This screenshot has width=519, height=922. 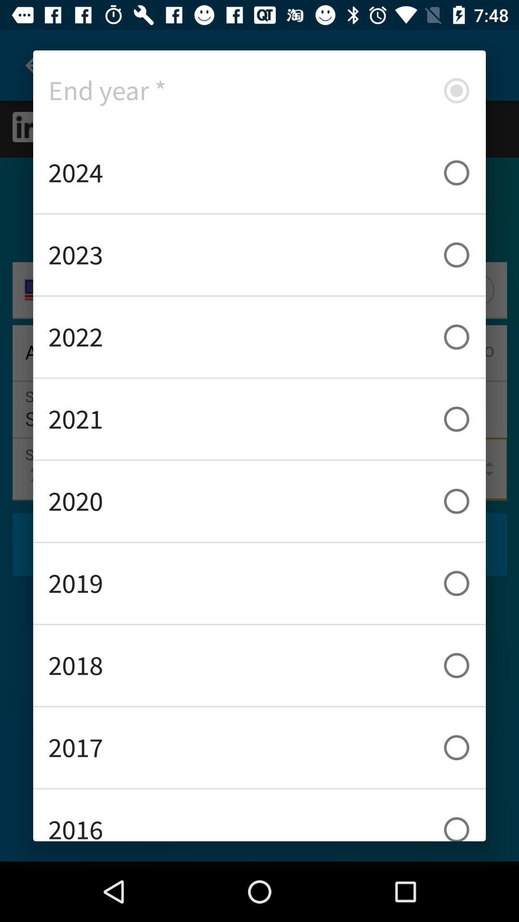 I want to click on 2016 icon, so click(x=259, y=815).